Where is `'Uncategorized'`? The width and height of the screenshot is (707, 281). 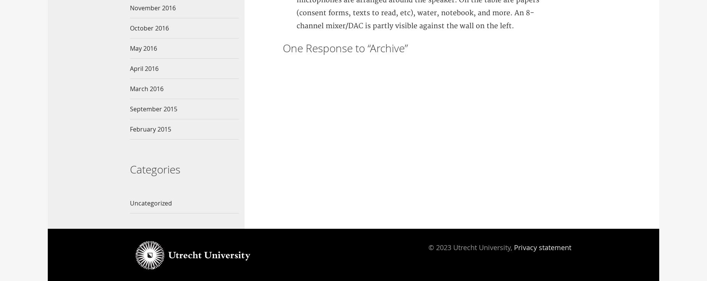 'Uncategorized' is located at coordinates (150, 202).